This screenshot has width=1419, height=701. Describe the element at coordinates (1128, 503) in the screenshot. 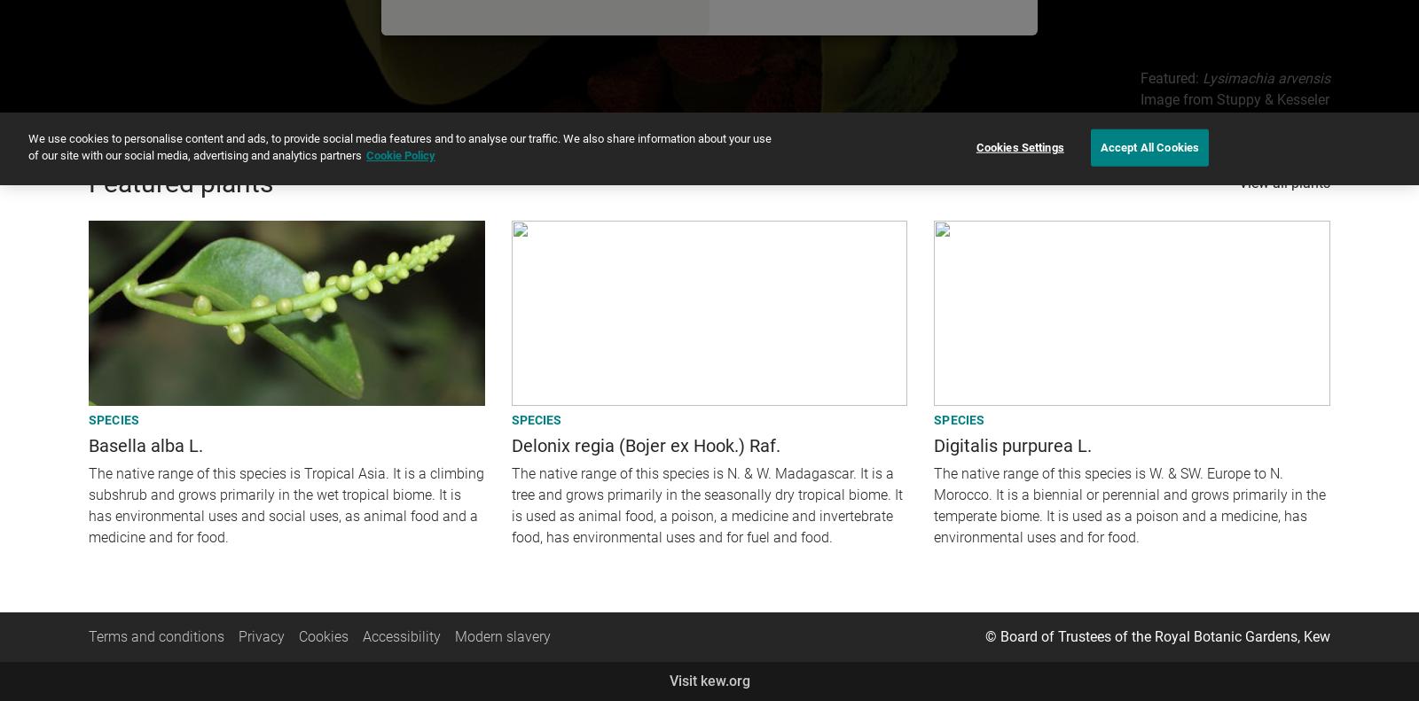

I see `'The native range of this species is W. & SW. Europe to N. Morocco. It is a biennial or perennial and grows primarily in the temperate biome. It is used as a poison and a medicine, has environmental uses and for food.'` at that location.